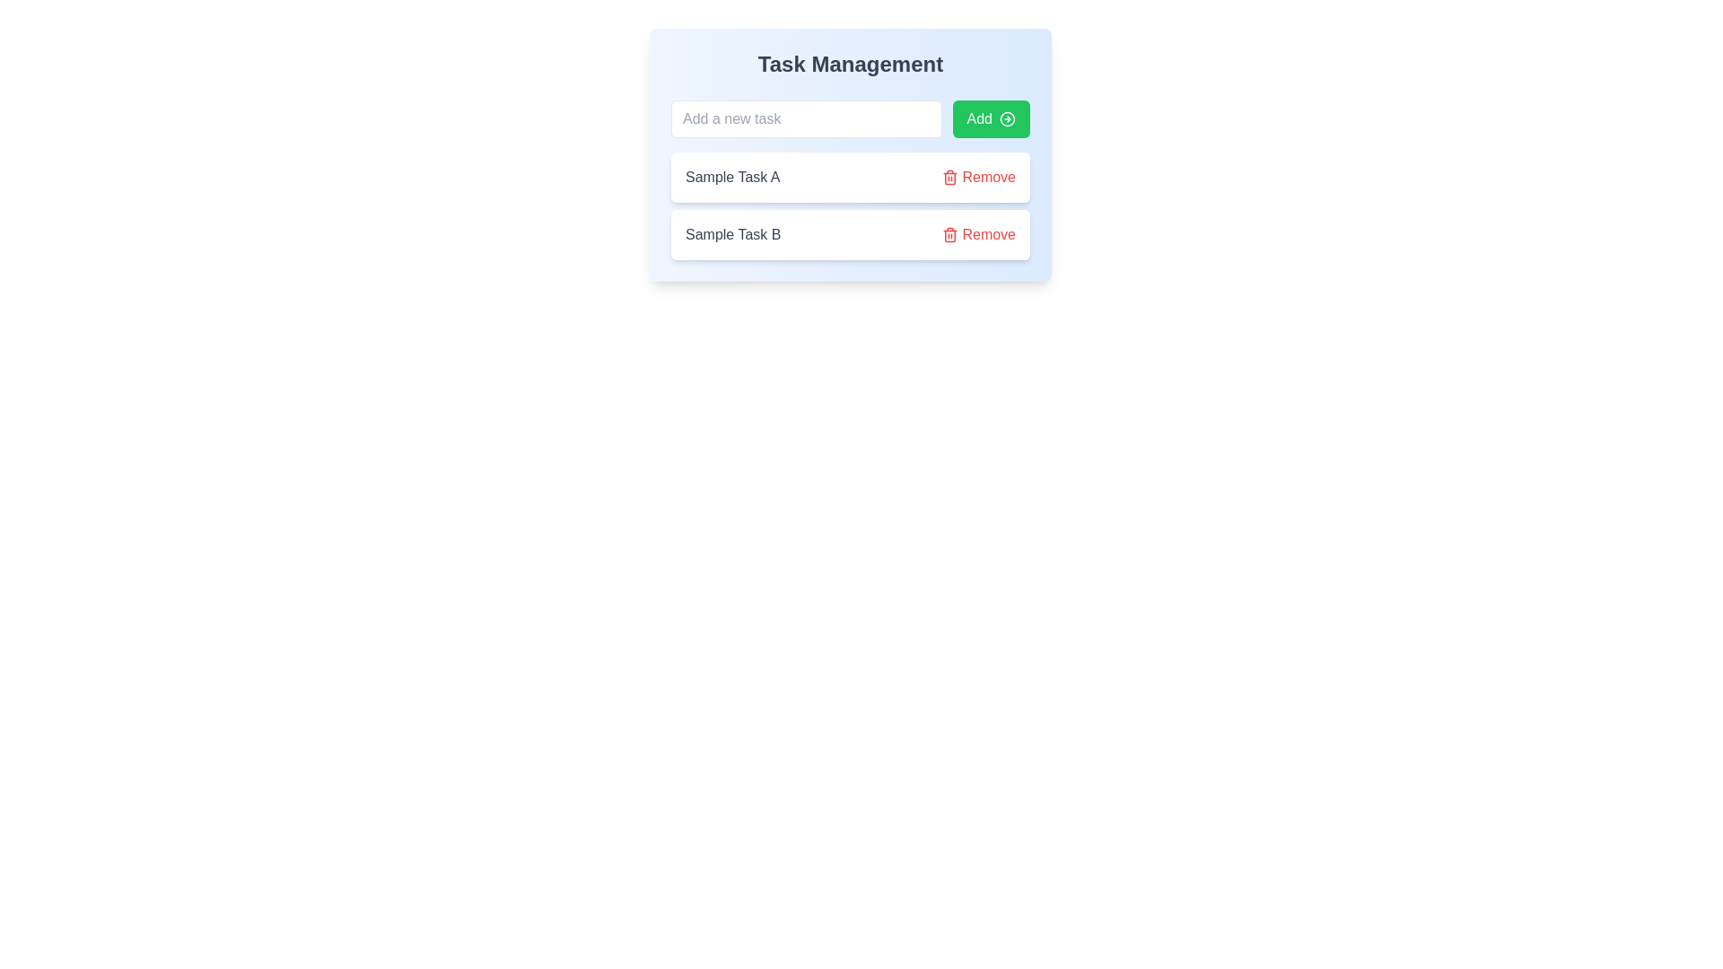  What do you see at coordinates (949, 234) in the screenshot?
I see `the icon that provides a visual cue for the removal action associated with the 'Remove' button, which is the leftmost component in the 'Remove' button group adjacent to each task listed in the task management interface` at bounding box center [949, 234].